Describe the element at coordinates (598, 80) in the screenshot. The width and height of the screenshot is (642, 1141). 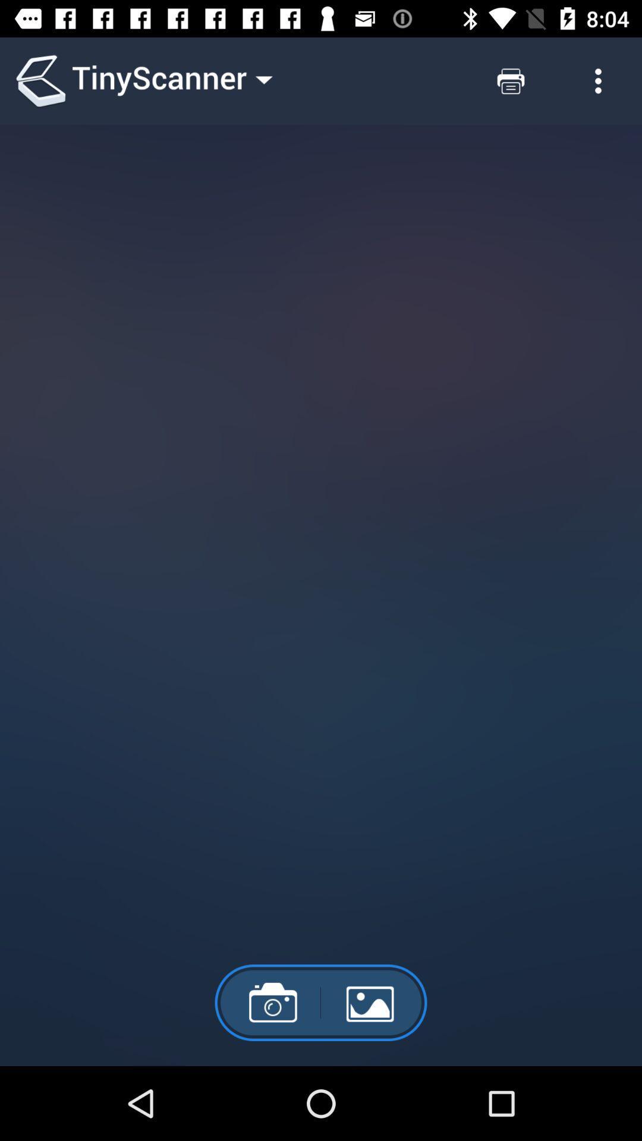
I see `the more icon` at that location.